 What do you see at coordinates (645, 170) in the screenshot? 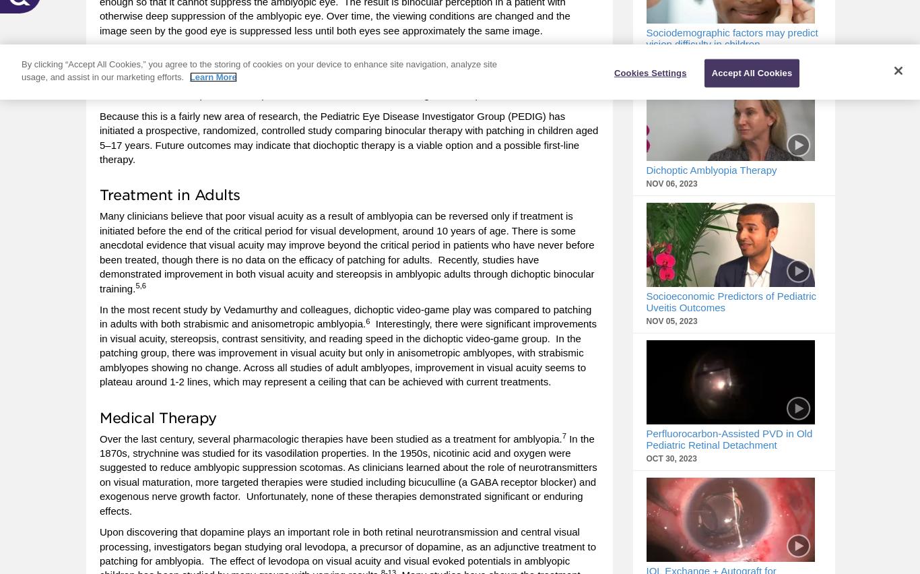
I see `'Dichoptic Amblyopia Therapy'` at bounding box center [645, 170].